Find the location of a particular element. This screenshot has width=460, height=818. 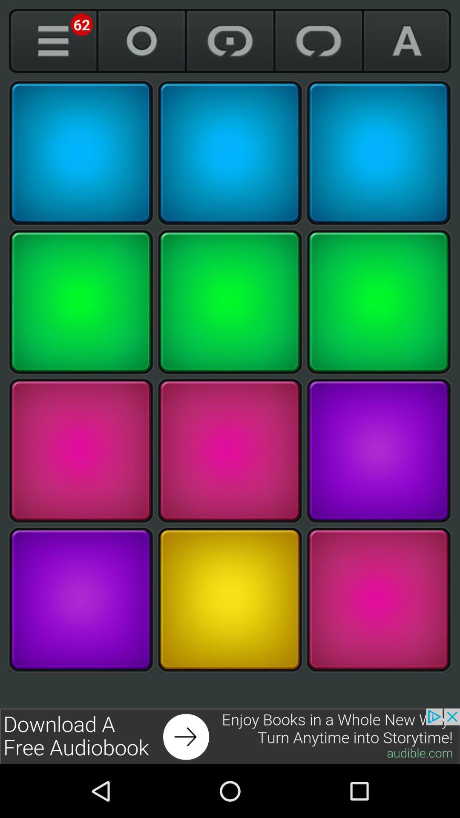

discover this beat is located at coordinates (230, 153).